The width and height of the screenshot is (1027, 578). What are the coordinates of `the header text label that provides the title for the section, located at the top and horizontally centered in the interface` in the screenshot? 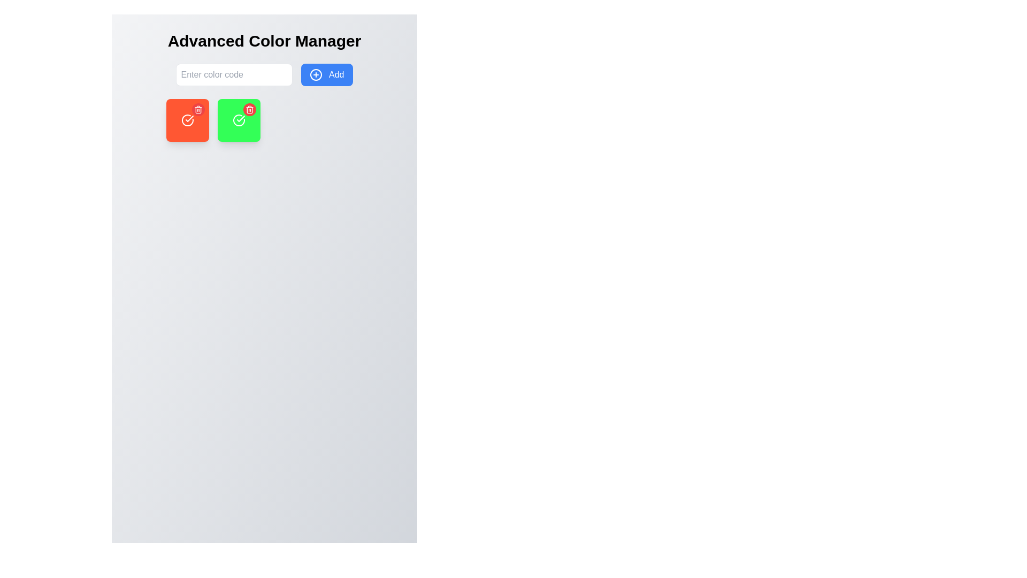 It's located at (264, 41).